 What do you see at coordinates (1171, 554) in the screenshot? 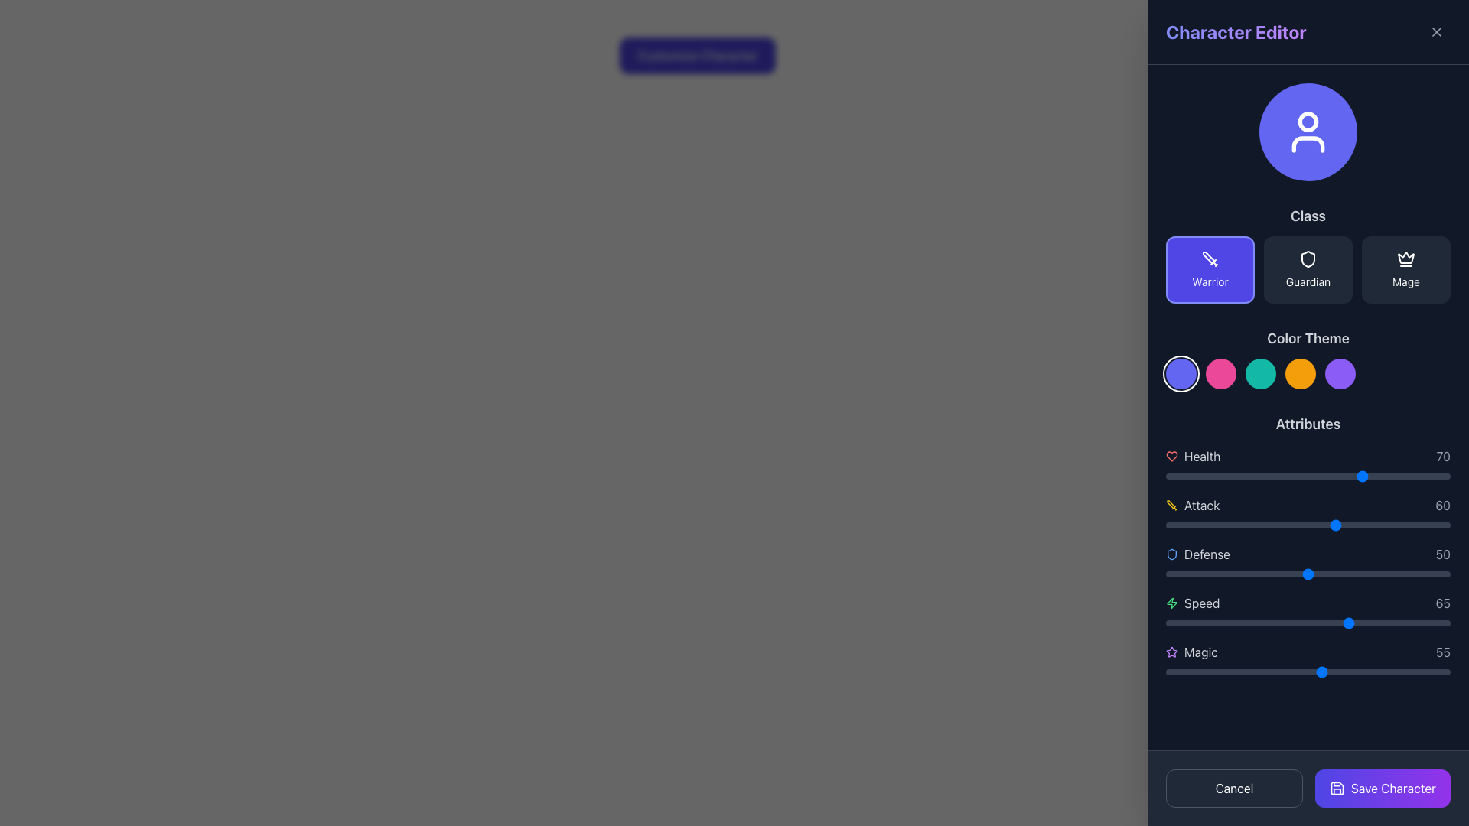
I see `the blue outlined shield icon labeled 'Defense', which is located in the upper-middle section of the interface, next to the 'Defense' text` at bounding box center [1171, 554].